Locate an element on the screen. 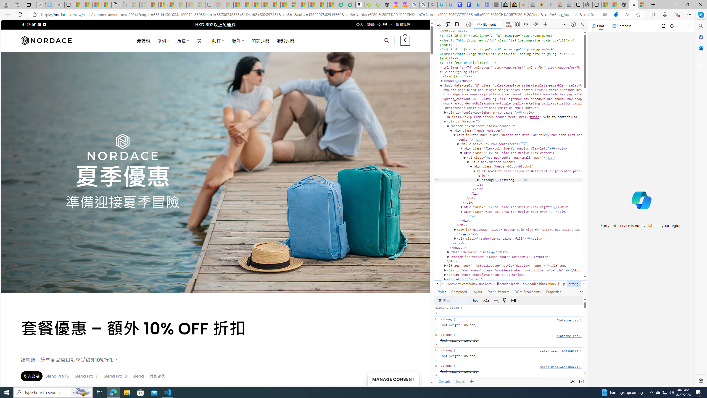  'Side bar' is located at coordinates (701, 203).